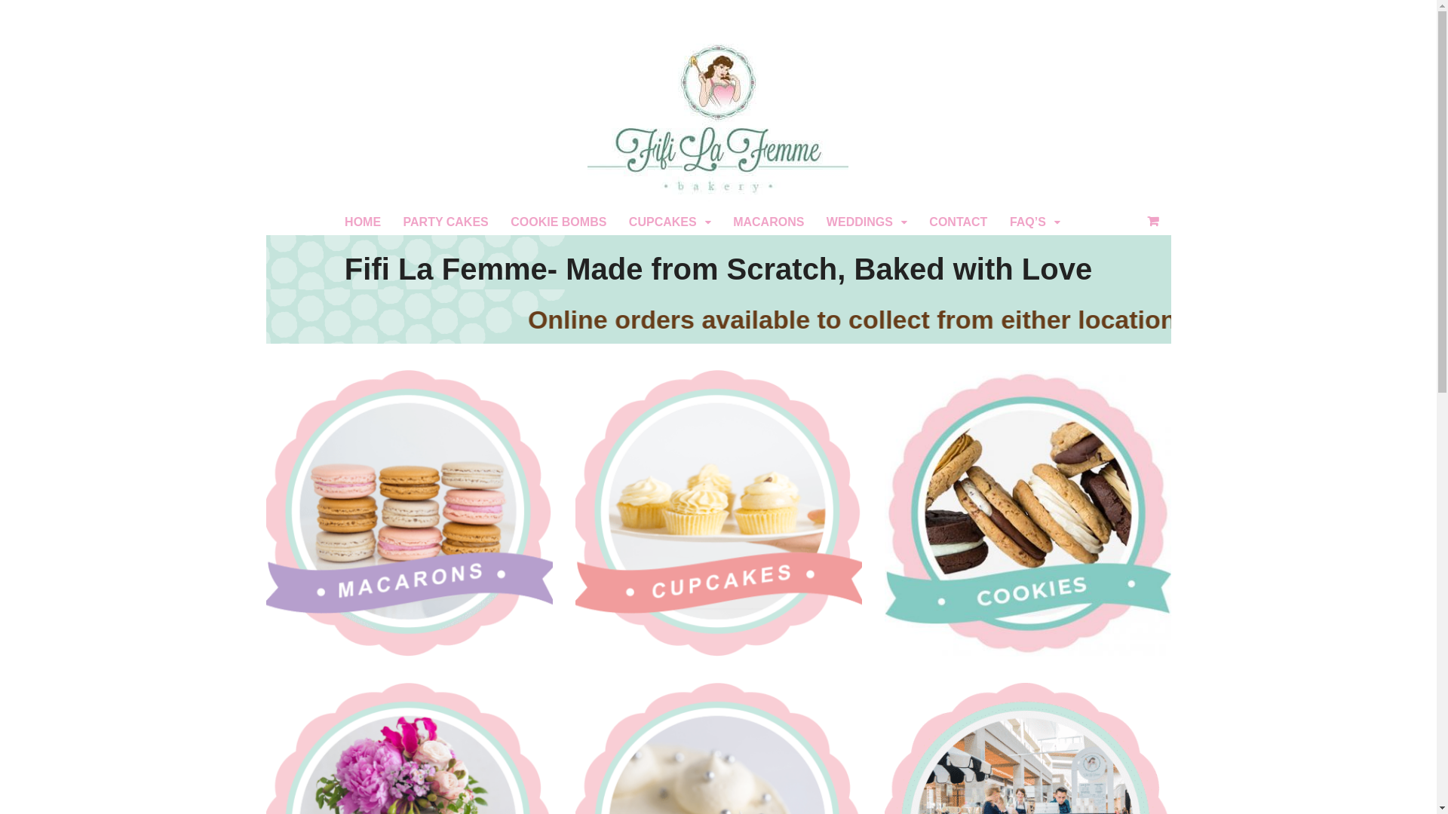 This screenshot has height=814, width=1448. What do you see at coordinates (362, 222) in the screenshot?
I see `'HOME'` at bounding box center [362, 222].